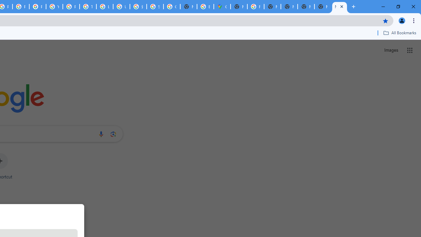 The height and width of the screenshot is (237, 421). Describe the element at coordinates (222, 7) in the screenshot. I see `'Google Maps'` at that location.